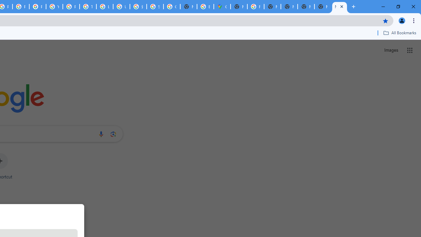 The height and width of the screenshot is (237, 421). Describe the element at coordinates (222, 7) in the screenshot. I see `'Google Maps'` at that location.